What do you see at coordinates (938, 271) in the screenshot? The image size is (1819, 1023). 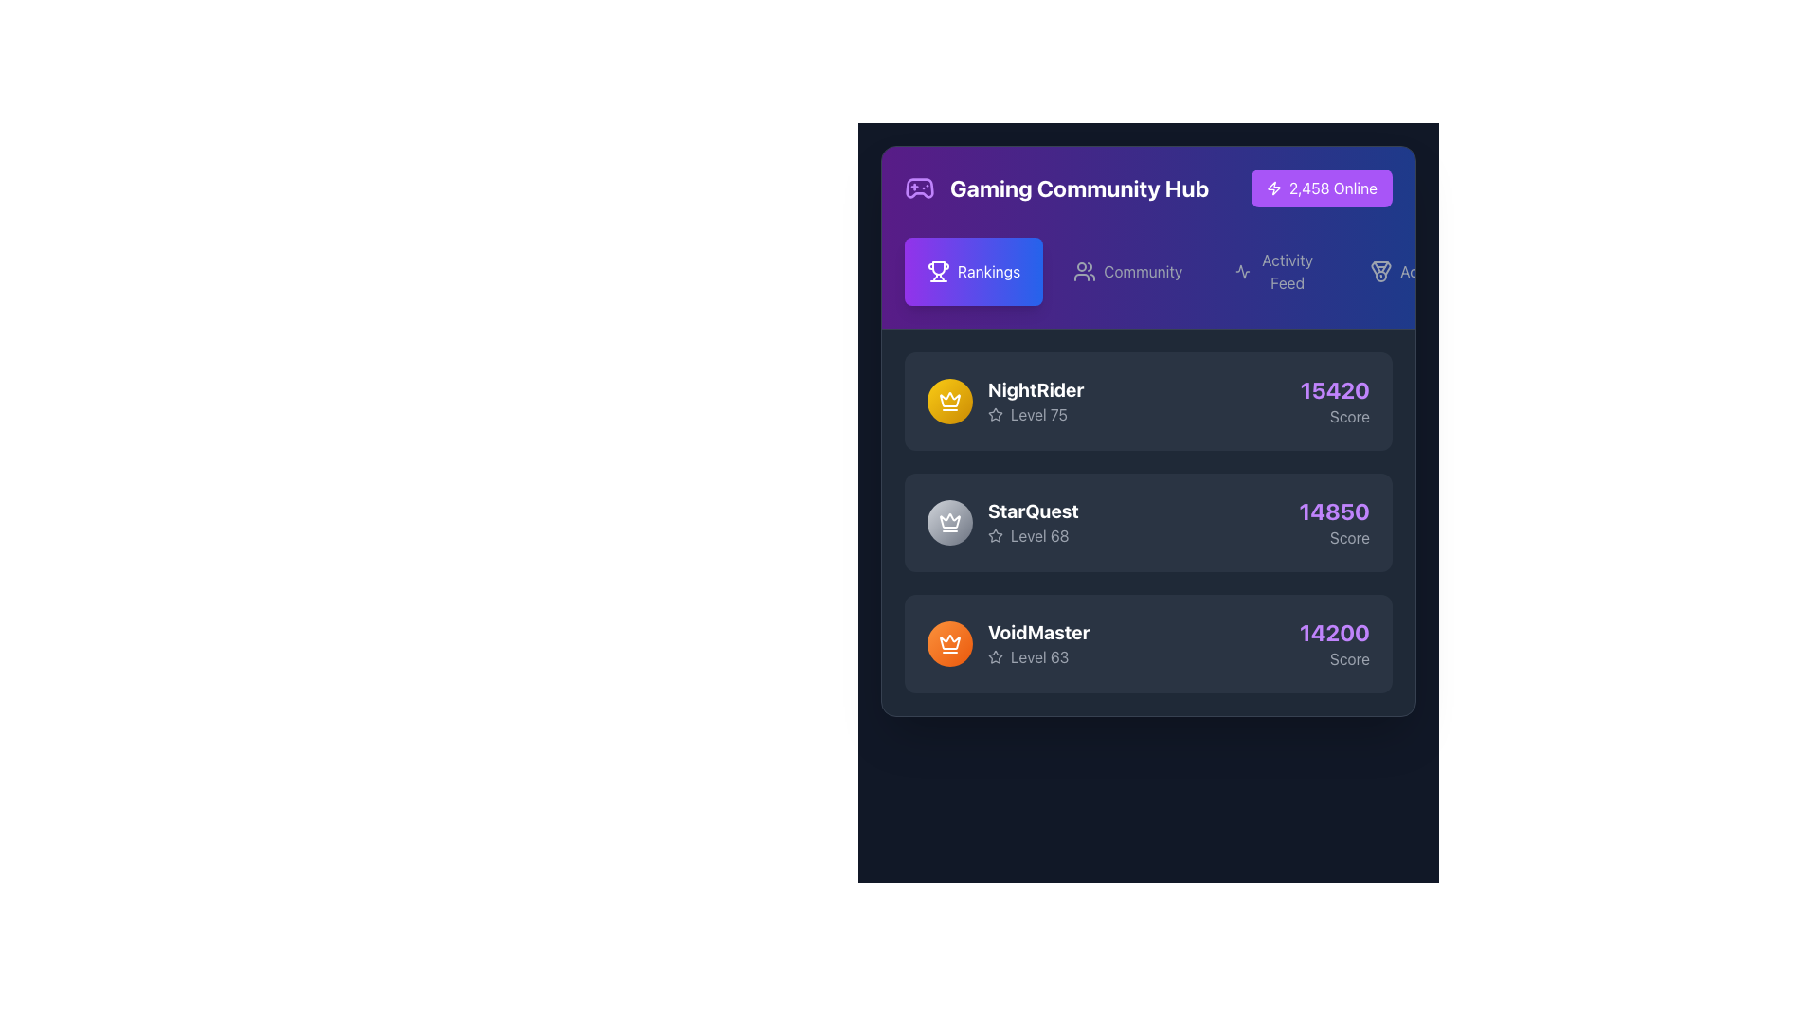 I see `the 'Rankings' icon located in the upper-left of the 'Gaming Community Hub' interface to identify its associated menu item` at bounding box center [938, 271].